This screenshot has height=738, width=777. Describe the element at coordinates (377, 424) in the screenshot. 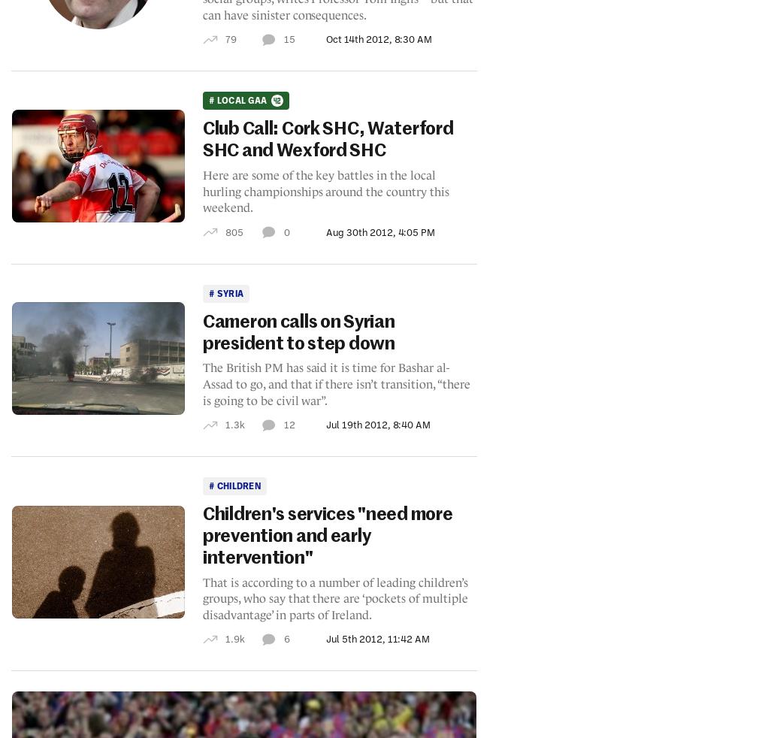

I see `'Jul 19th 2012, 8:40 AM'` at that location.